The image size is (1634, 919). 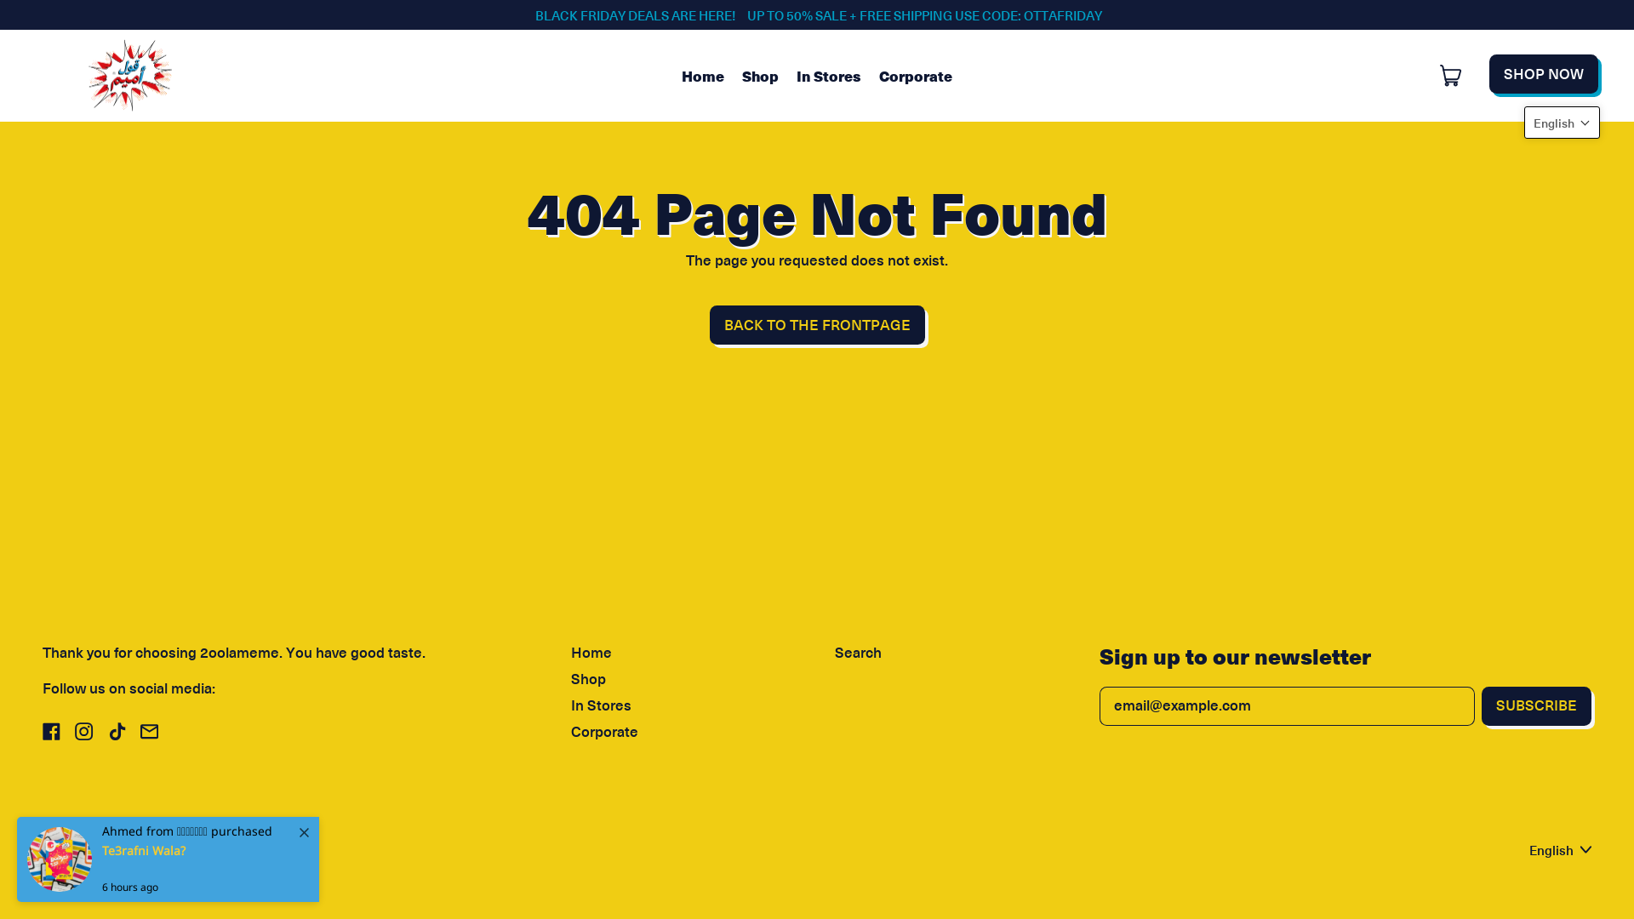 What do you see at coordinates (671, 74) in the screenshot?
I see `'Home'` at bounding box center [671, 74].